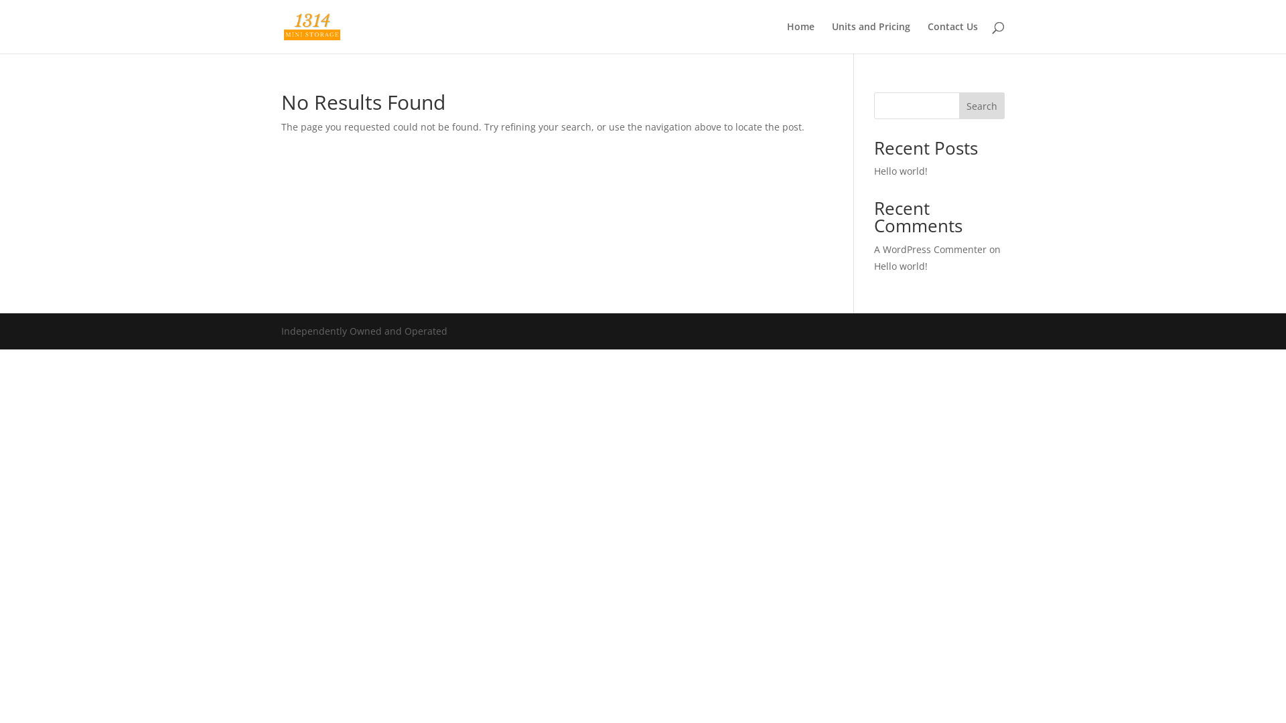 Image resolution: width=1286 pixels, height=723 pixels. Describe the element at coordinates (871, 37) in the screenshot. I see `'Units and Pricing'` at that location.